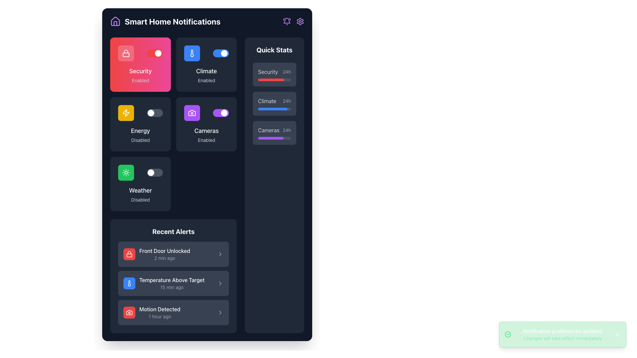 This screenshot has width=637, height=358. What do you see at coordinates (129, 254) in the screenshot?
I see `the security alert icon located in the 'Recent Alerts' section next to the text 'Front Door Unlocked'` at bounding box center [129, 254].